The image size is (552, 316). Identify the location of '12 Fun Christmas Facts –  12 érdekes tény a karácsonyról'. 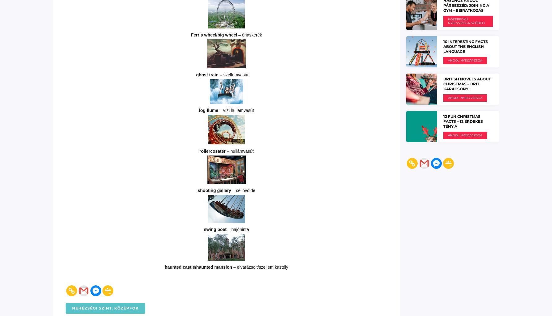
(463, 123).